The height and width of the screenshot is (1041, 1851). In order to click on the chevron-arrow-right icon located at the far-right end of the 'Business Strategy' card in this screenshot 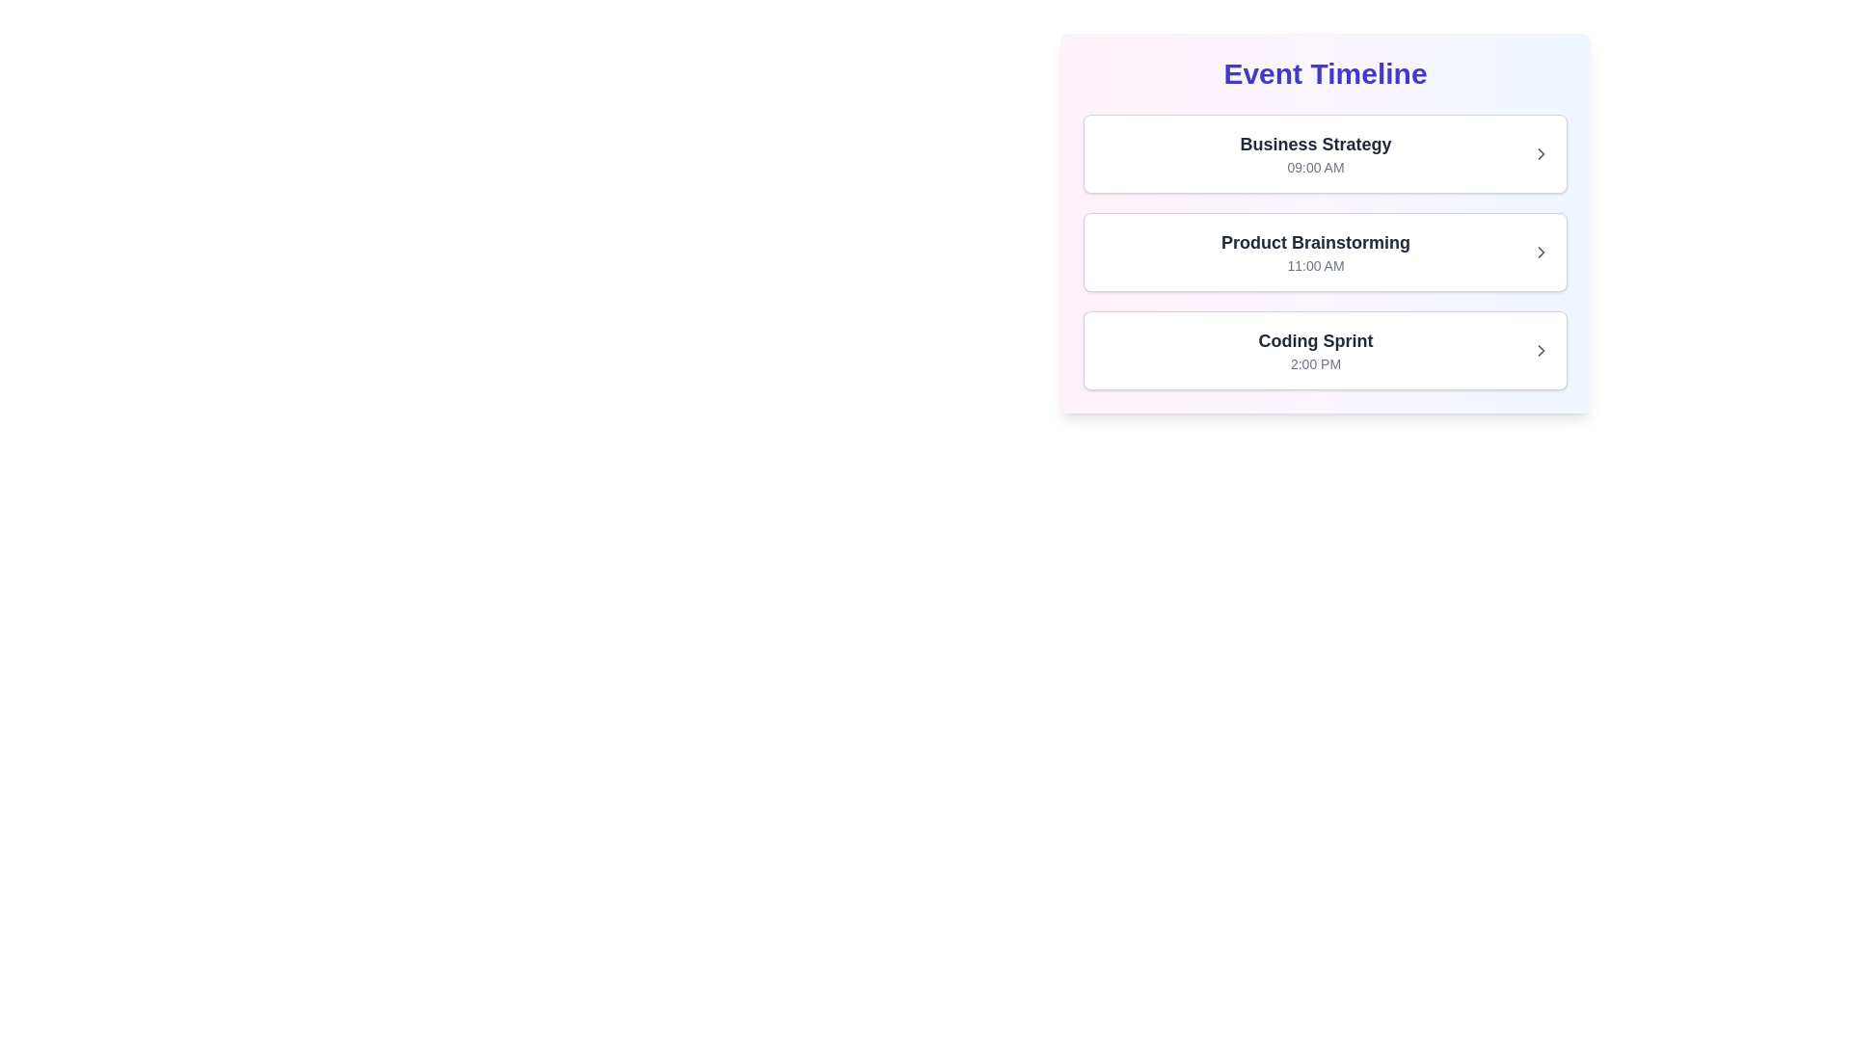, I will do `click(1540, 152)`.